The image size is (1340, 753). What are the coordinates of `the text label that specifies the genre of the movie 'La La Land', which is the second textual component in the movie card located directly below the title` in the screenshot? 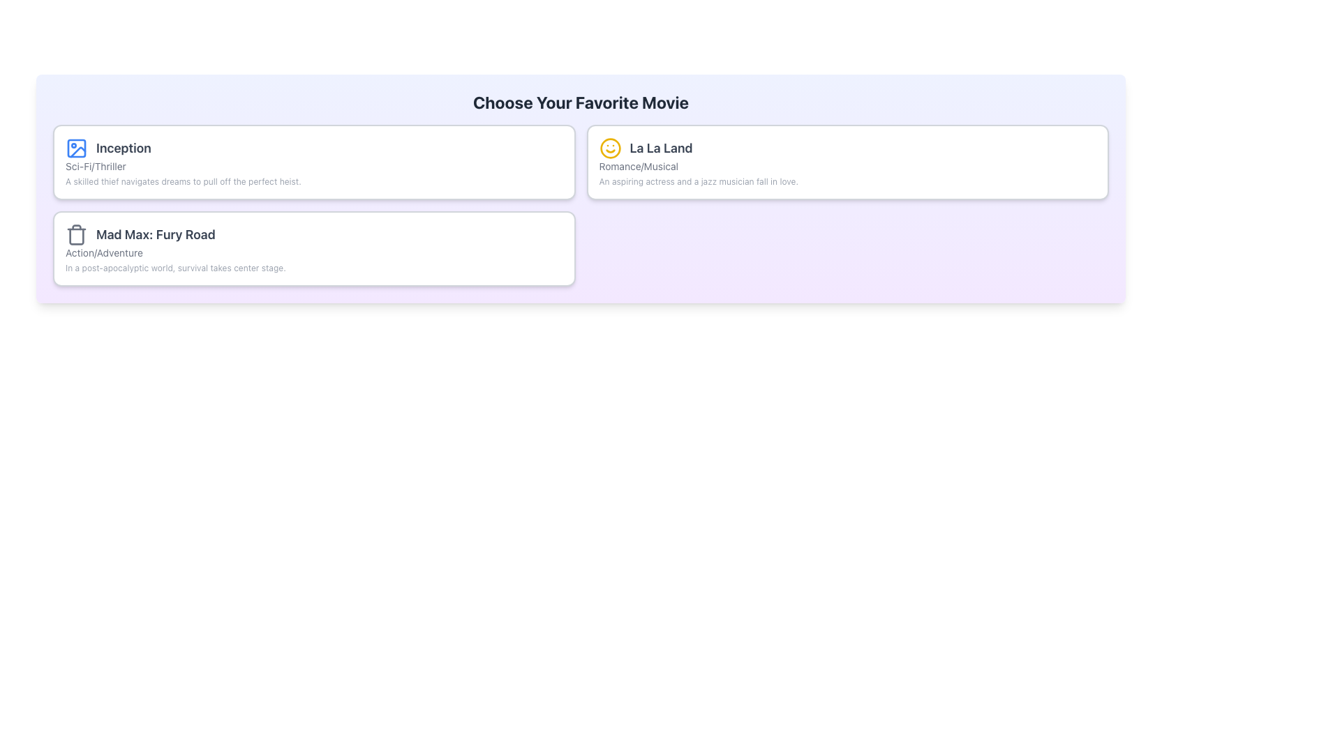 It's located at (638, 166).